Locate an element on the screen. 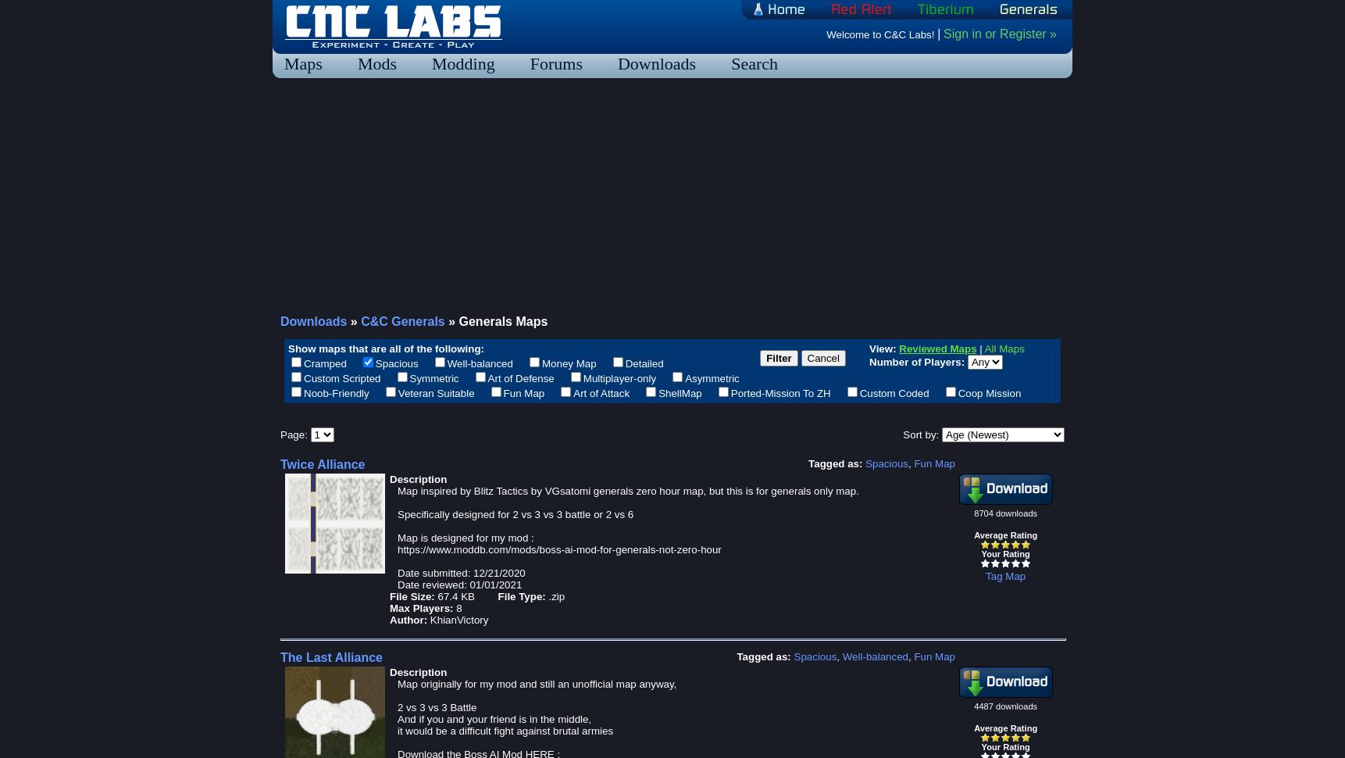 The width and height of the screenshot is (1345, 758). 'Max Players:' is located at coordinates (421, 608).